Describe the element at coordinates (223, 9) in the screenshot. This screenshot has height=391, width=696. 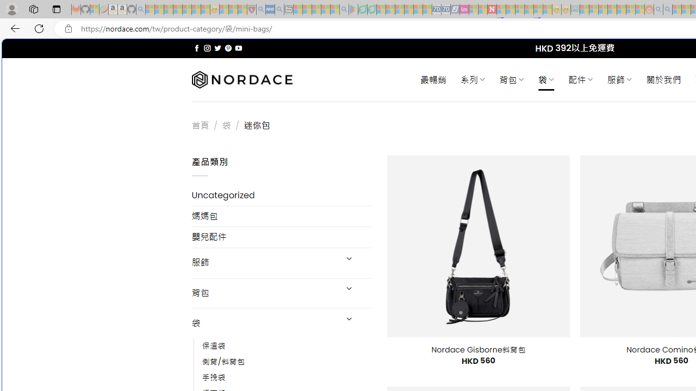
I see `'Recipes - MSN - Sleeping'` at that location.